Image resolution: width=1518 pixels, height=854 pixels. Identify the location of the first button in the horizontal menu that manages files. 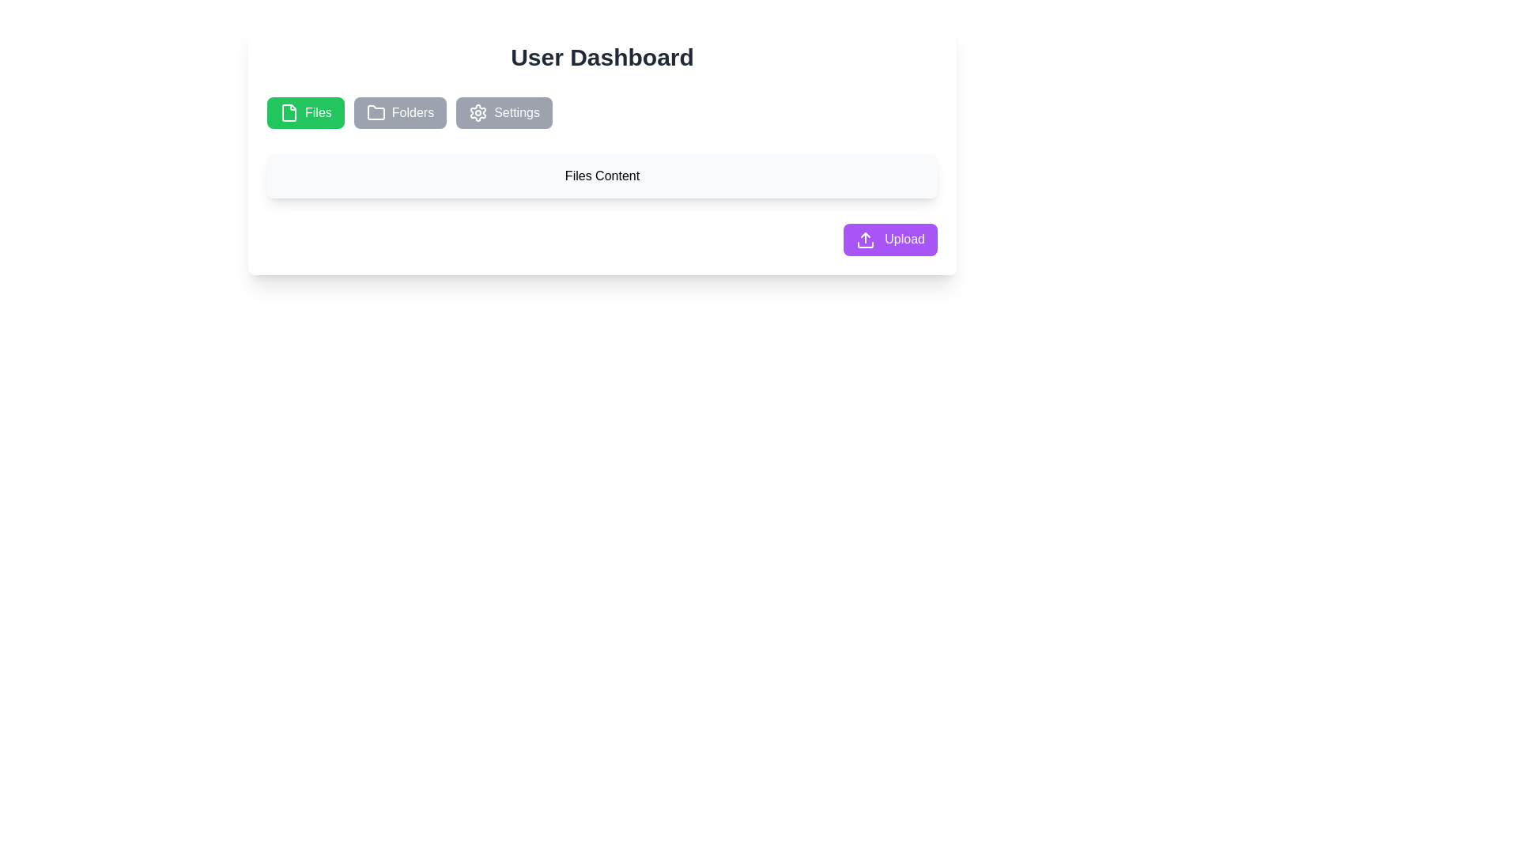
(305, 111).